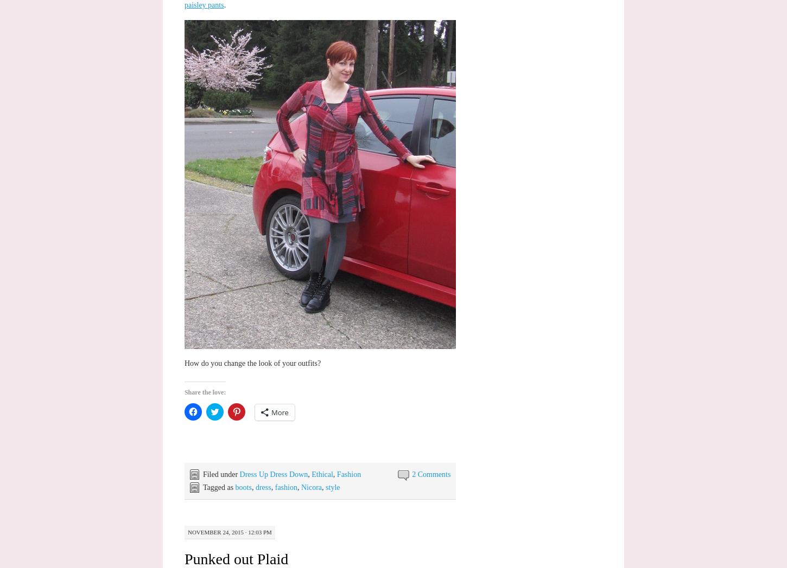  Describe the element at coordinates (274, 473) in the screenshot. I see `'Dress Up Dress Down'` at that location.